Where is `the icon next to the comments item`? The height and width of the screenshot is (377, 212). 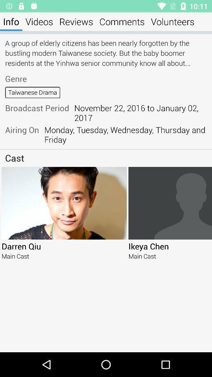 the icon next to the comments item is located at coordinates (172, 21).